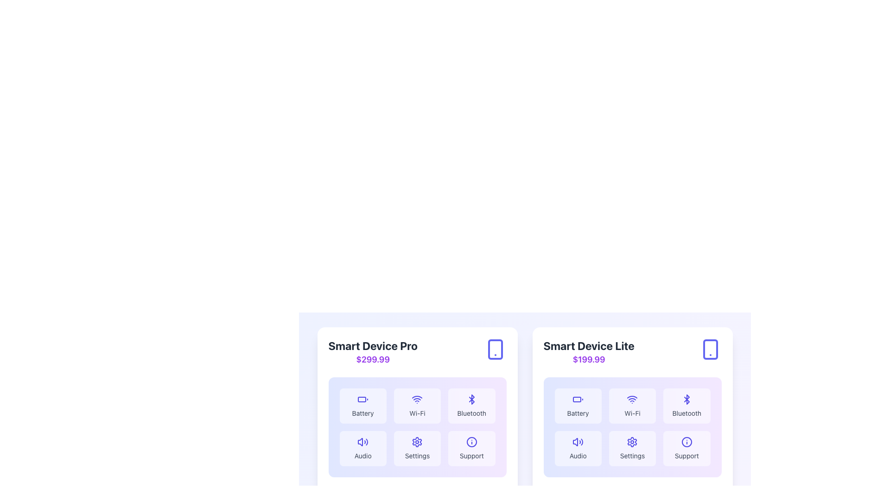  Describe the element at coordinates (588, 352) in the screenshot. I see `the Text Display element that shows 'Smart Device Lite' in bold black text and '$199.99' in bold purple font to trigger potential tooltips or effects` at that location.